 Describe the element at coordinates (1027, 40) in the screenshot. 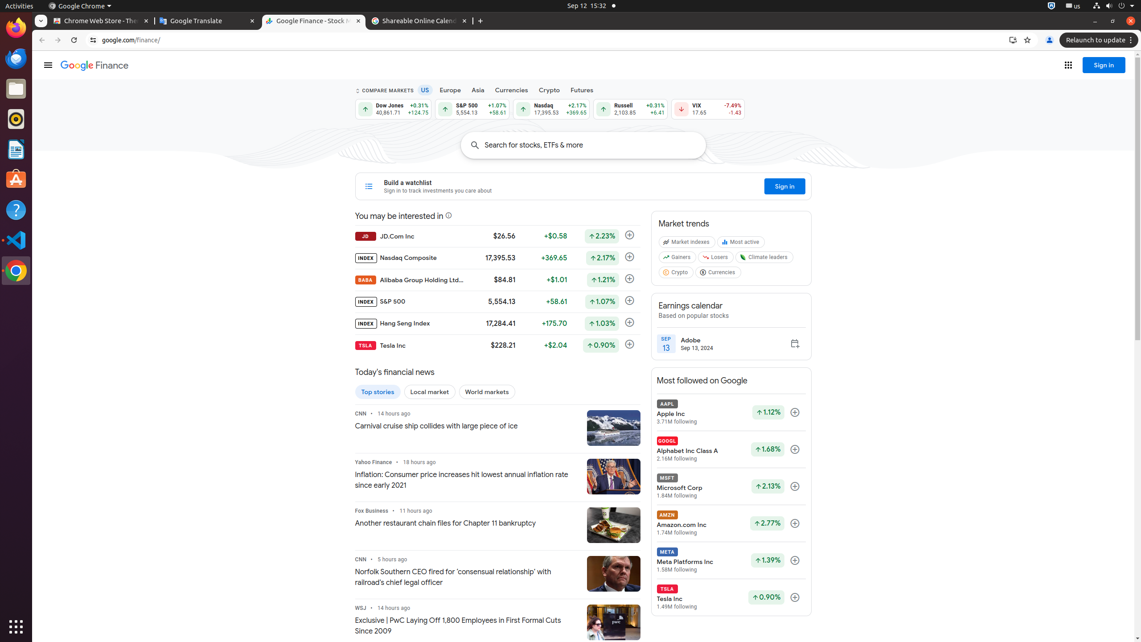

I see `'Bookmark this tab'` at that location.